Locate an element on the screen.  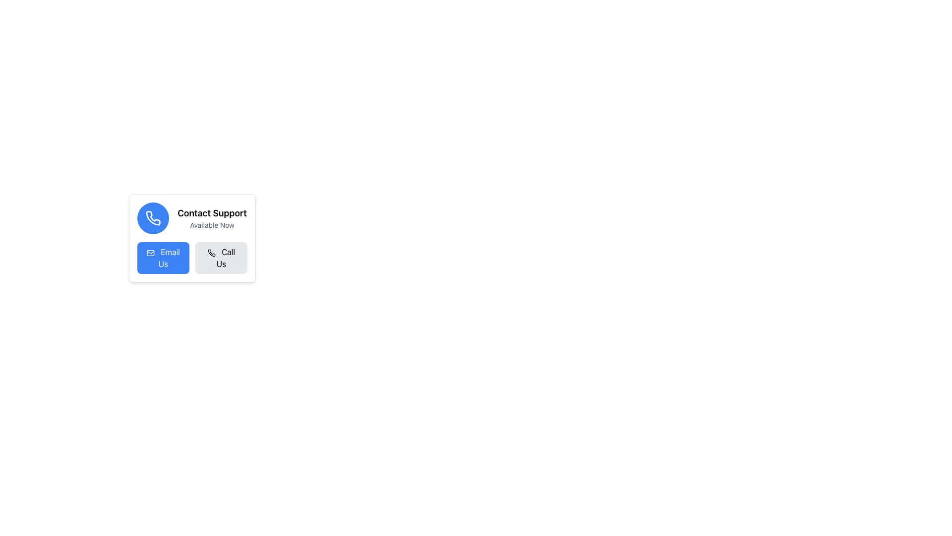
the phone icon in line art style, which is displayed in white on a blue circular background located at the top-left part of the card is located at coordinates (152, 217).